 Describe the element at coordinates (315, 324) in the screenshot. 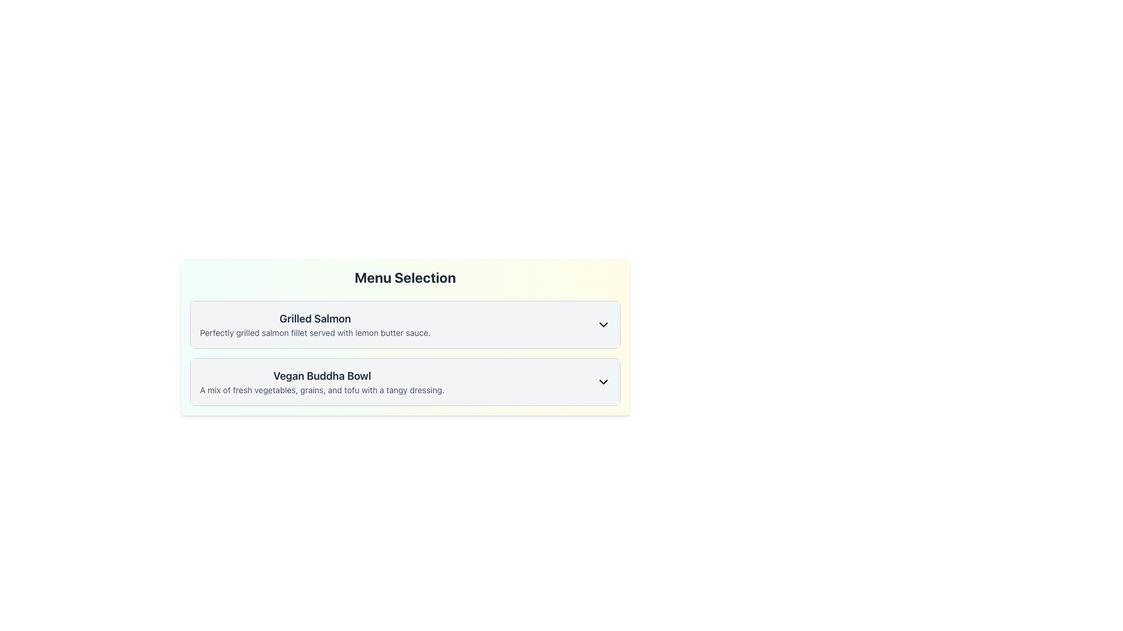

I see `the 'Grilled Salmon' text block in the menu selection list for possible actions or selections` at that location.